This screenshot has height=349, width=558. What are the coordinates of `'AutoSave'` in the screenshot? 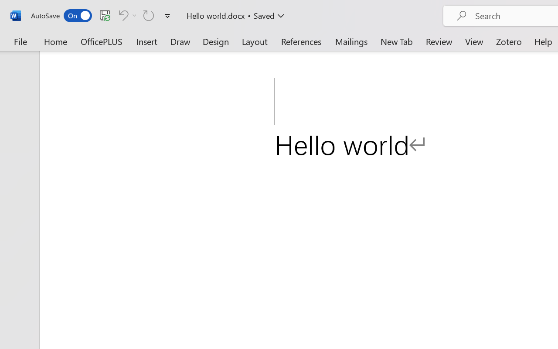 It's located at (61, 15).